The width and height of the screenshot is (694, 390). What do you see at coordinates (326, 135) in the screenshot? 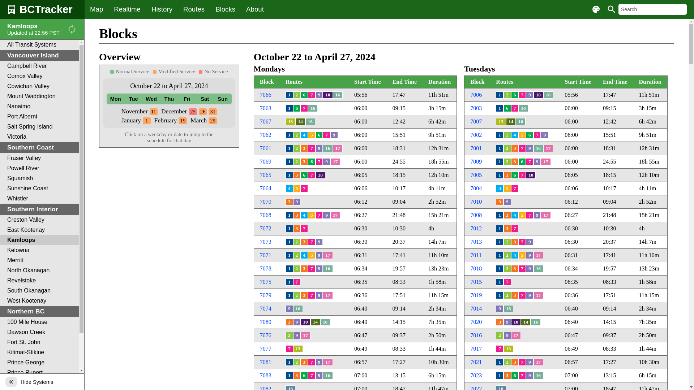
I see `'7'` at bounding box center [326, 135].